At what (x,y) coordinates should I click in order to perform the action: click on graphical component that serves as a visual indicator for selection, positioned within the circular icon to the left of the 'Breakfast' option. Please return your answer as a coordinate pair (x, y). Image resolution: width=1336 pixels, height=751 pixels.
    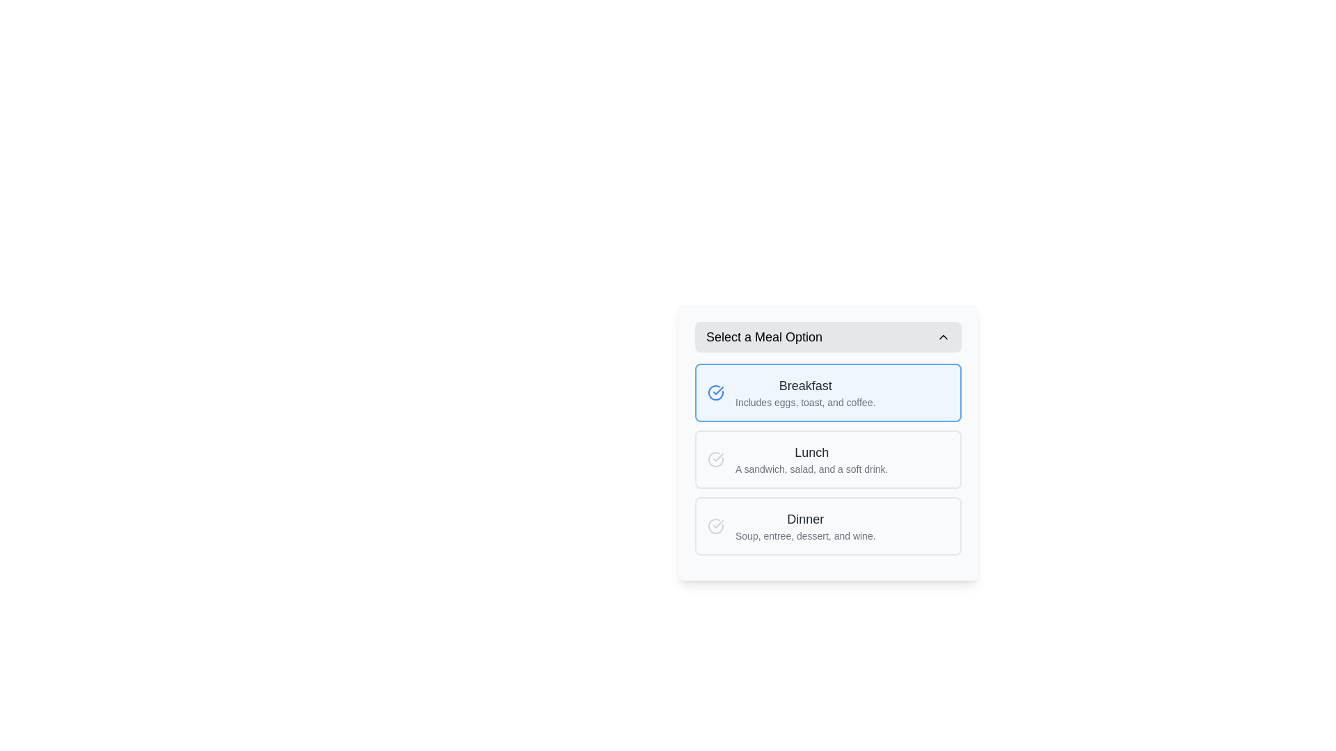
    Looking at the image, I should click on (718, 524).